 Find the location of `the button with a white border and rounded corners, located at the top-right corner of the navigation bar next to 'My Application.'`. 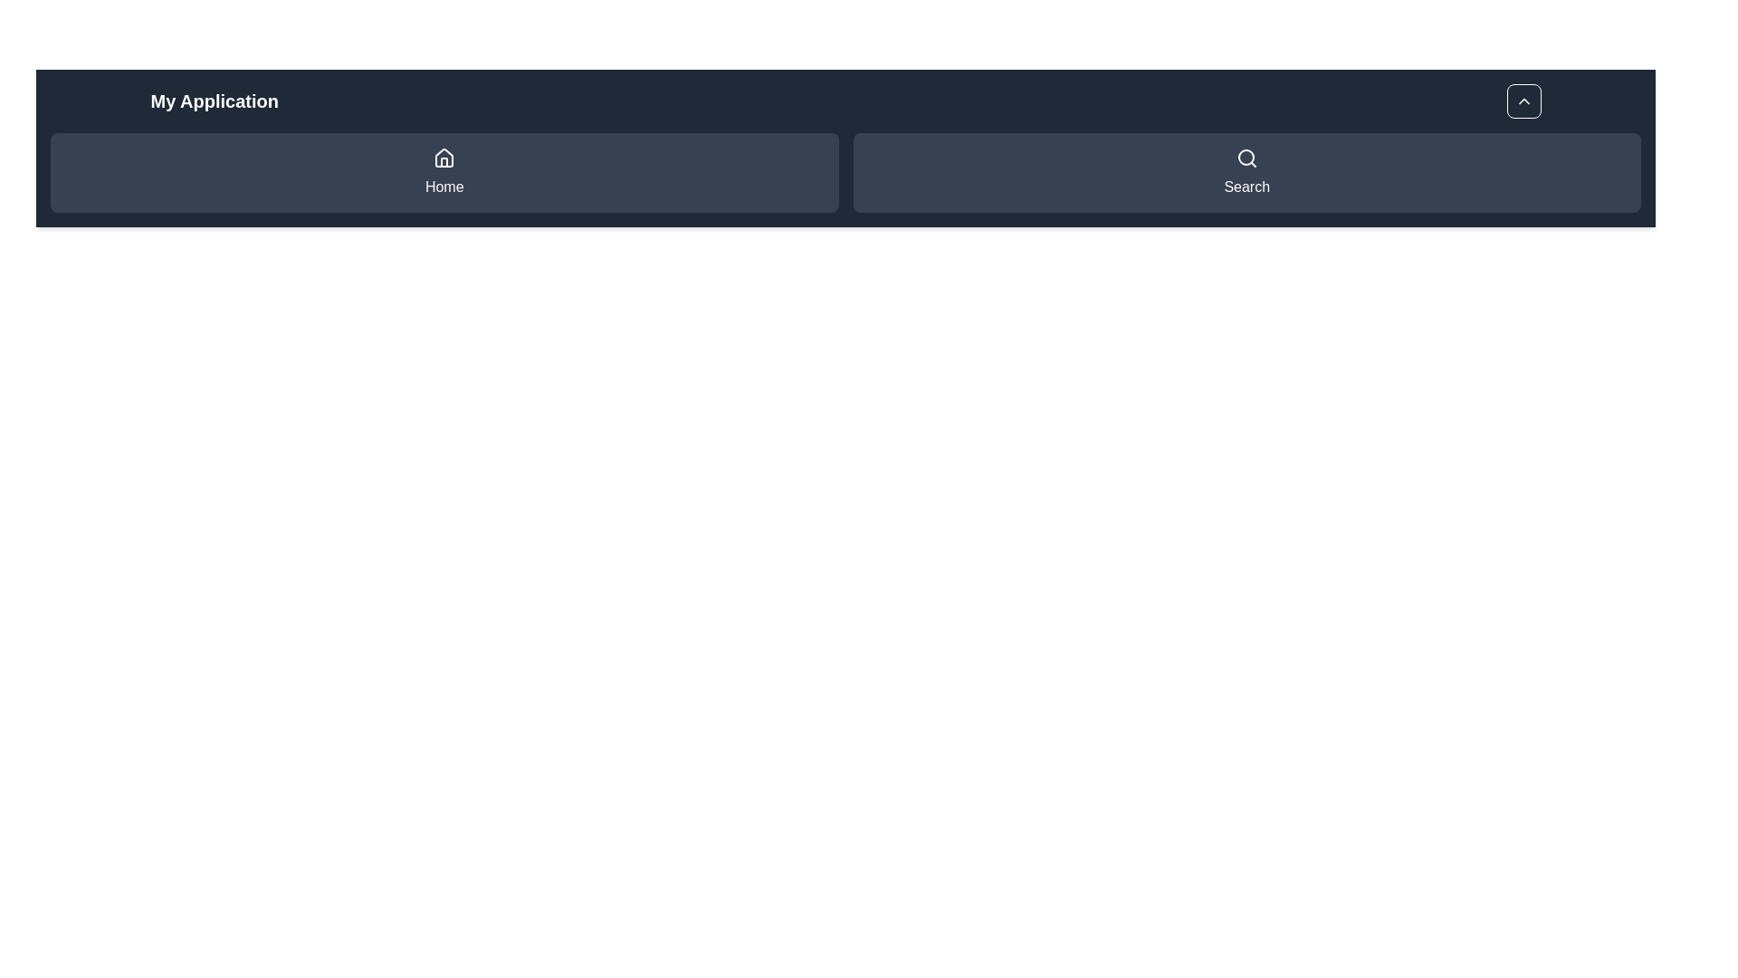

the button with a white border and rounded corners, located at the top-right corner of the navigation bar next to 'My Application.' is located at coordinates (1523, 101).